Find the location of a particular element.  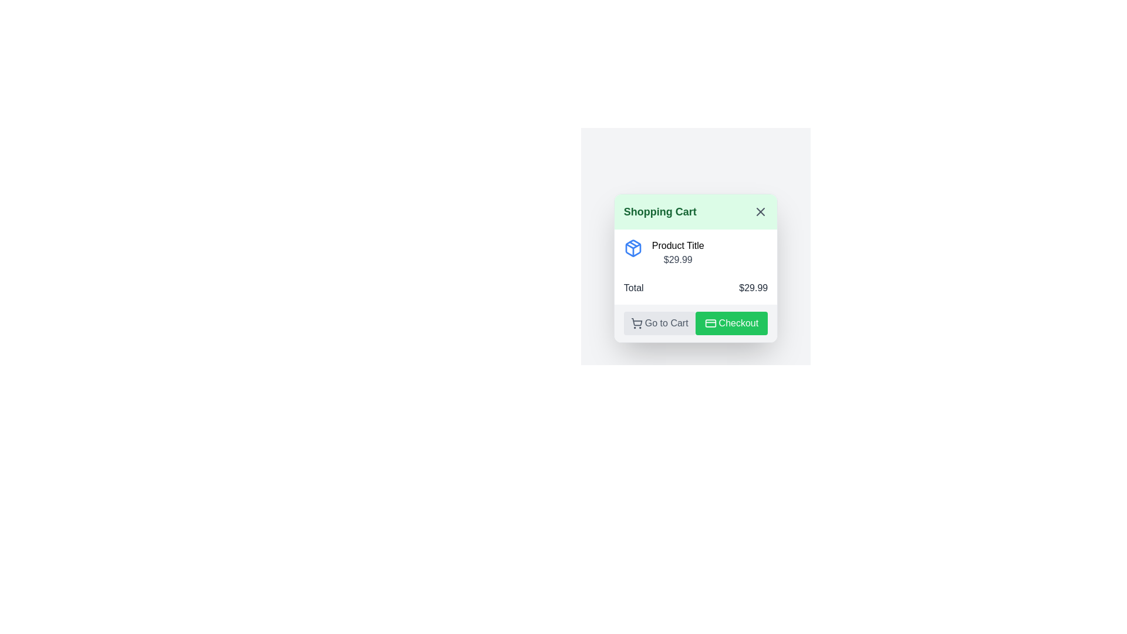

static text label indicating the total amount for the listed items in the shopping cart, located on the left side of the total price display is located at coordinates (633, 288).